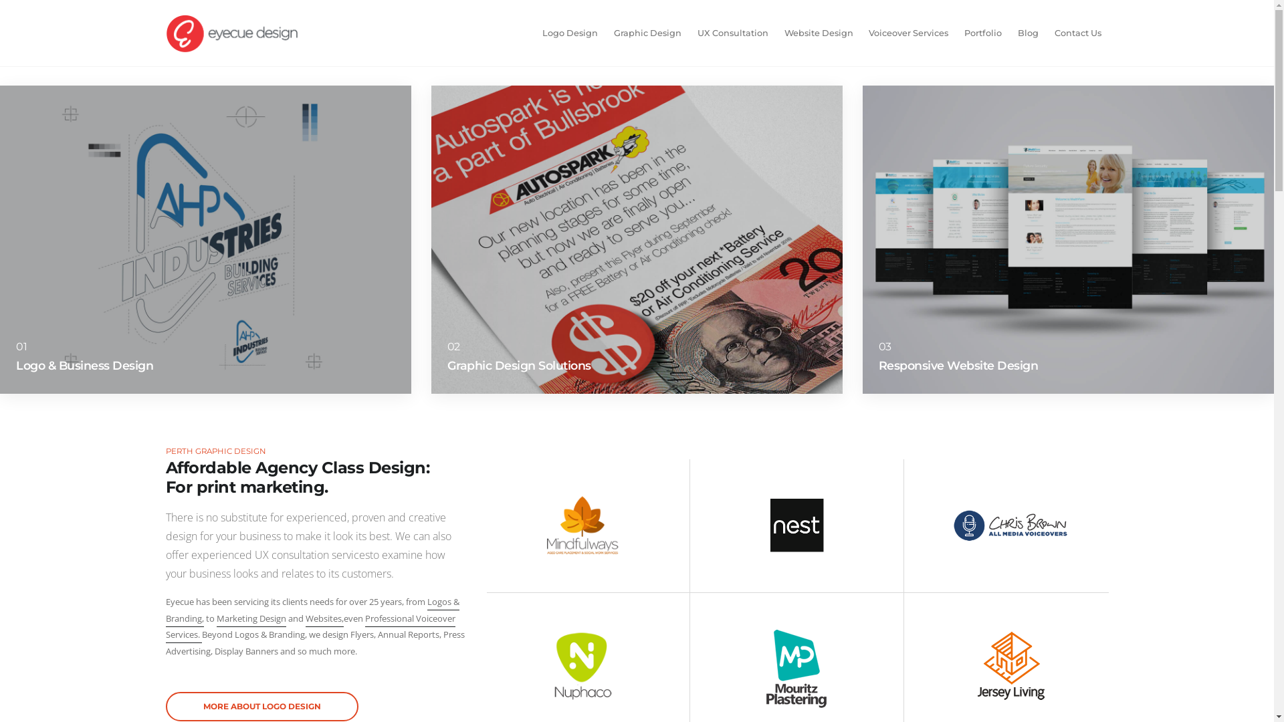 This screenshot has width=1284, height=722. Describe the element at coordinates (312, 611) in the screenshot. I see `'Logos & Branding,'` at that location.